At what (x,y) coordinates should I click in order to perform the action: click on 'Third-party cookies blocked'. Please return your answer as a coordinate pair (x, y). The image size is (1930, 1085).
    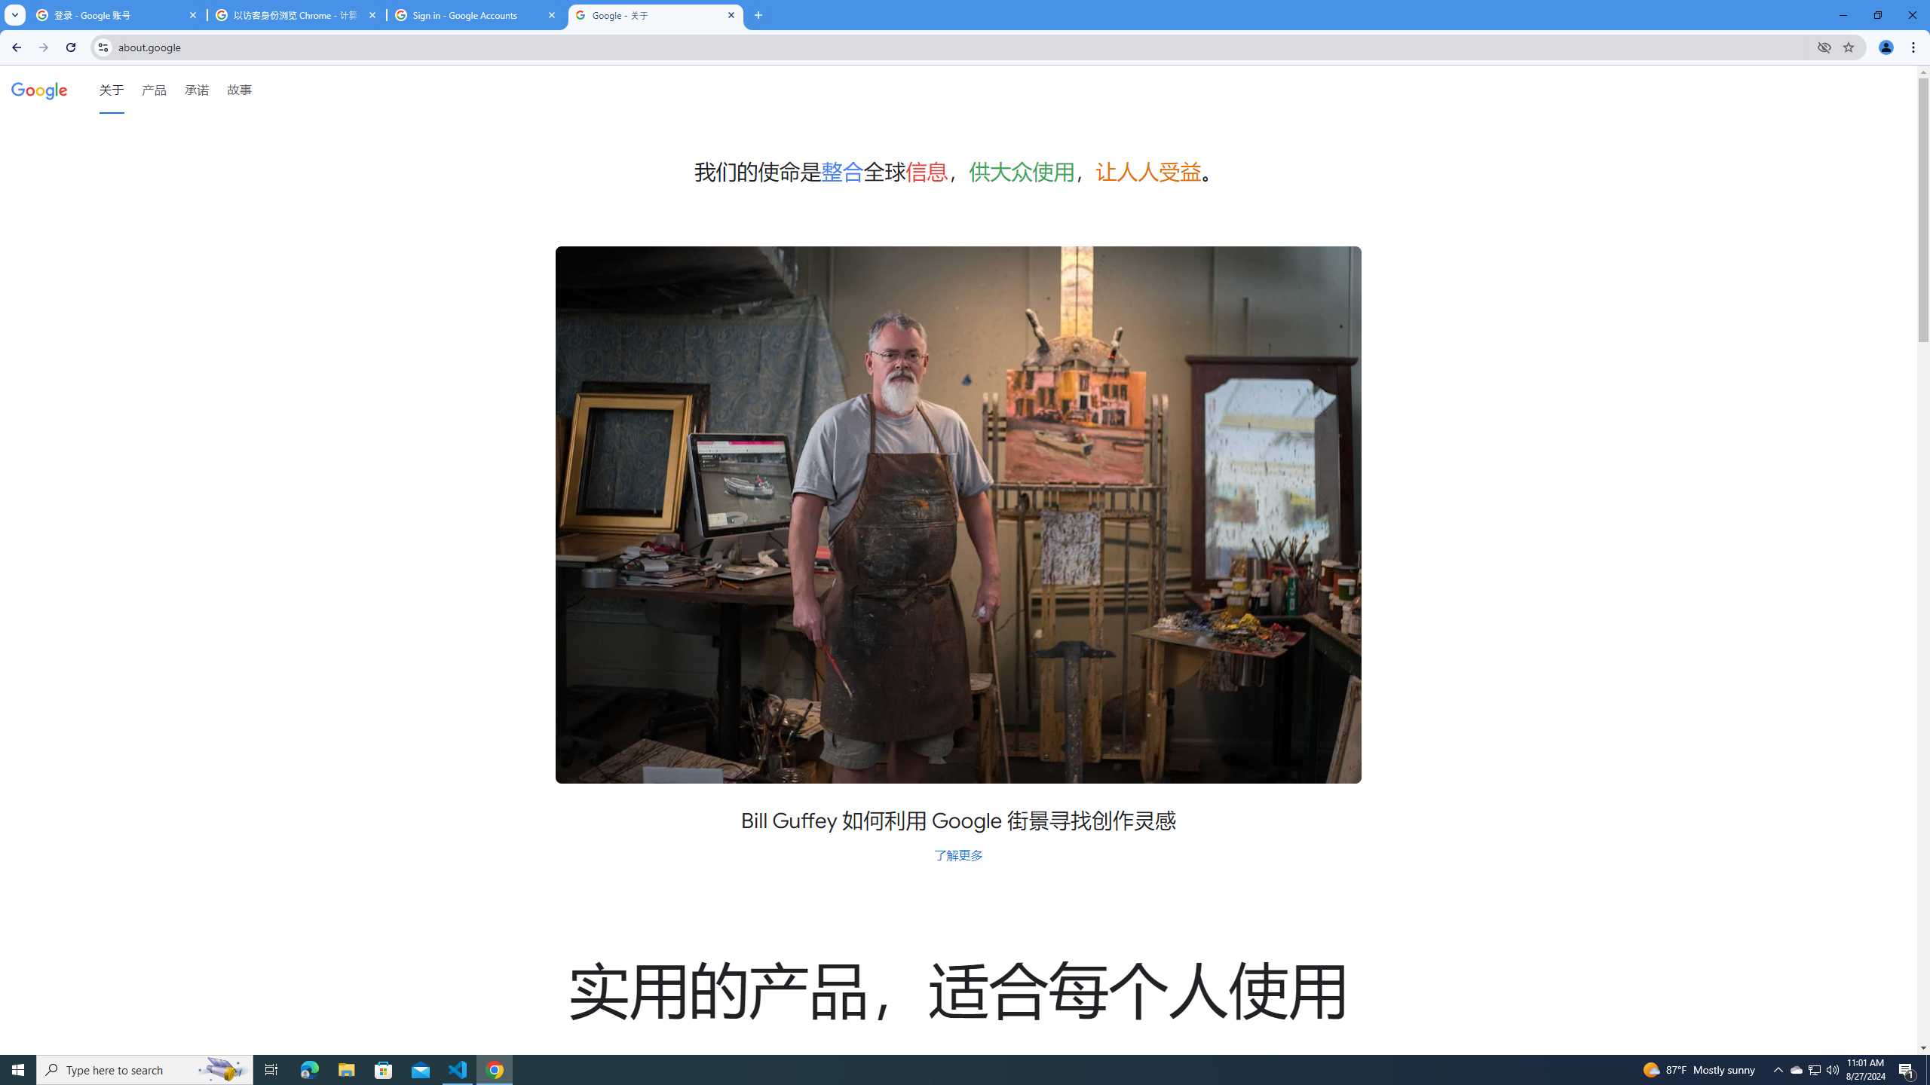
    Looking at the image, I should click on (1824, 46).